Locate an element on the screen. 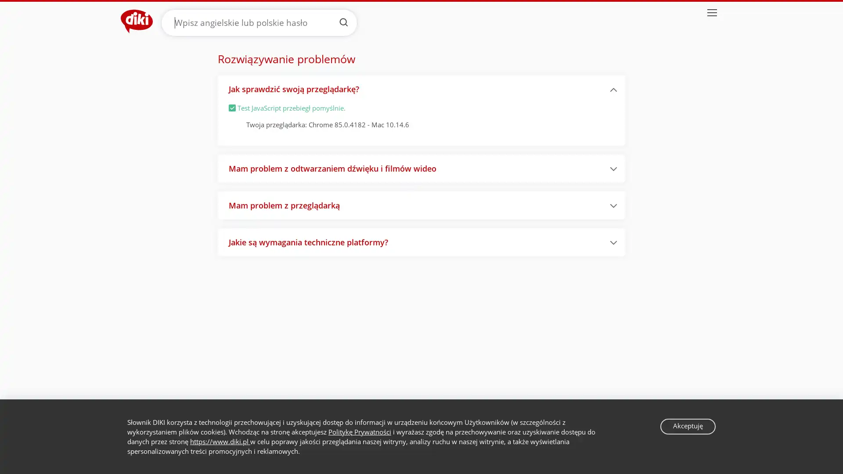 The image size is (843, 474). Szukaj is located at coordinates (343, 22).